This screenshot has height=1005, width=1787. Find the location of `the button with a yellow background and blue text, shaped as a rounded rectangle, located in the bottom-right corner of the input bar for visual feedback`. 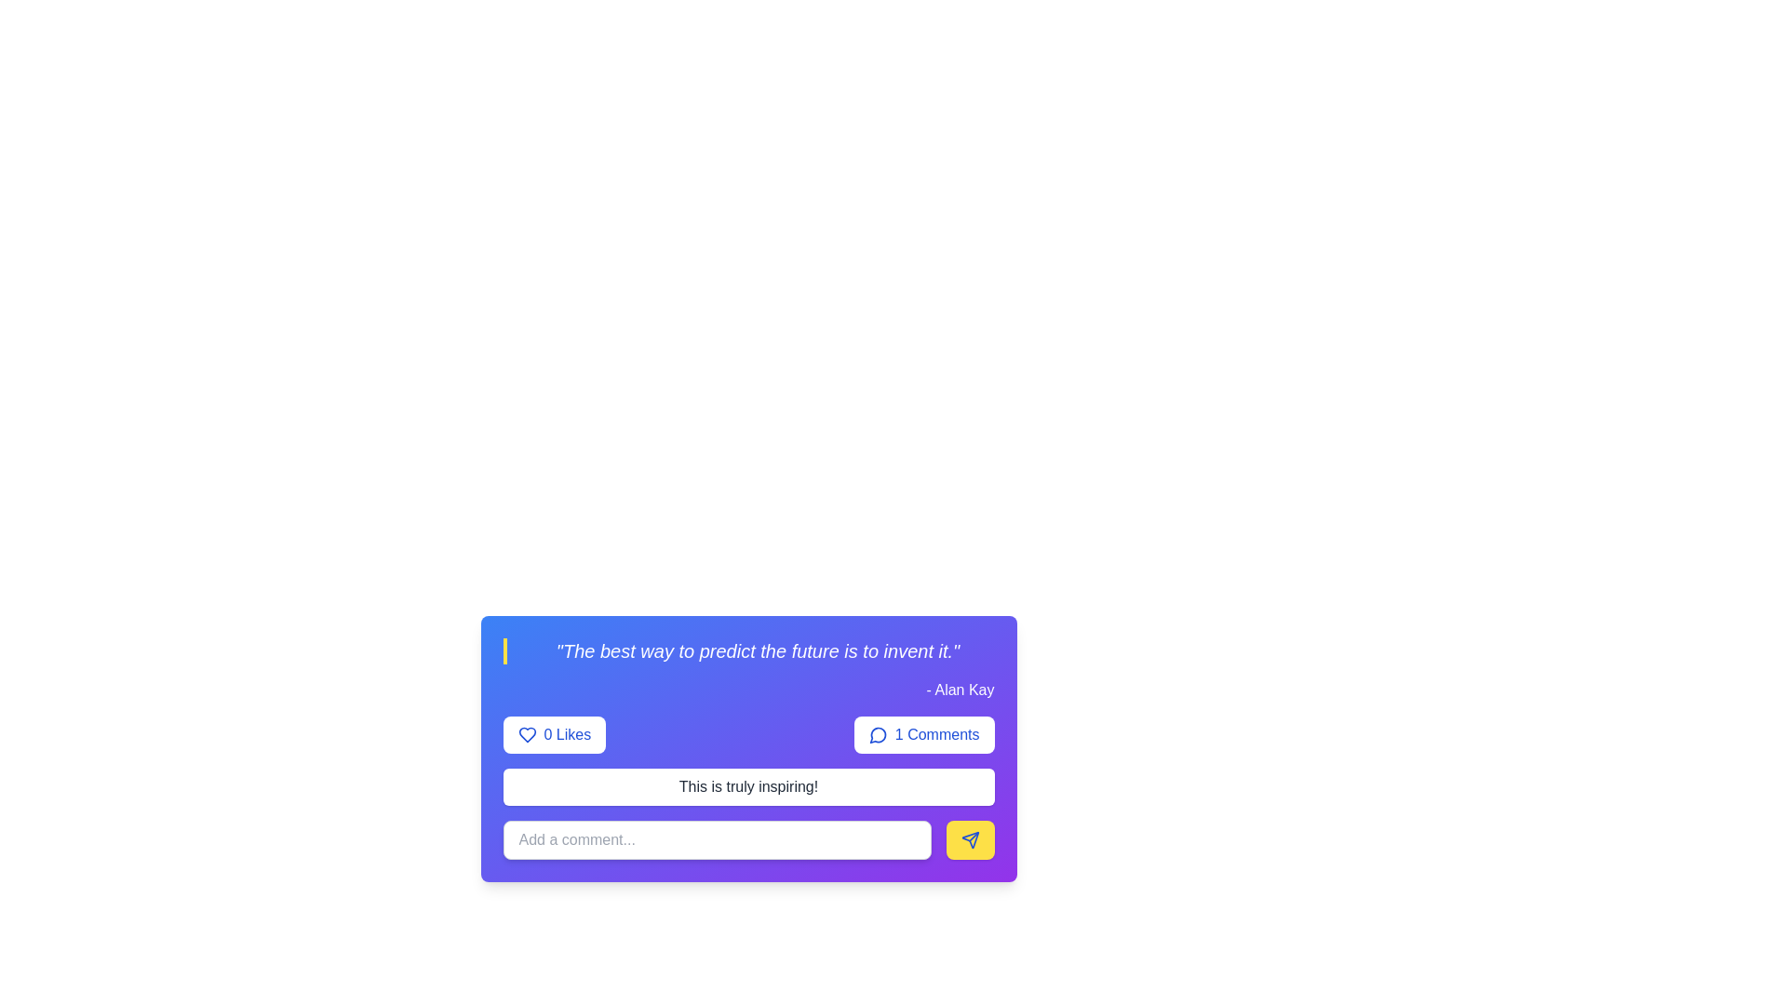

the button with a yellow background and blue text, shaped as a rounded rectangle, located in the bottom-right corner of the input bar for visual feedback is located at coordinates (969, 839).